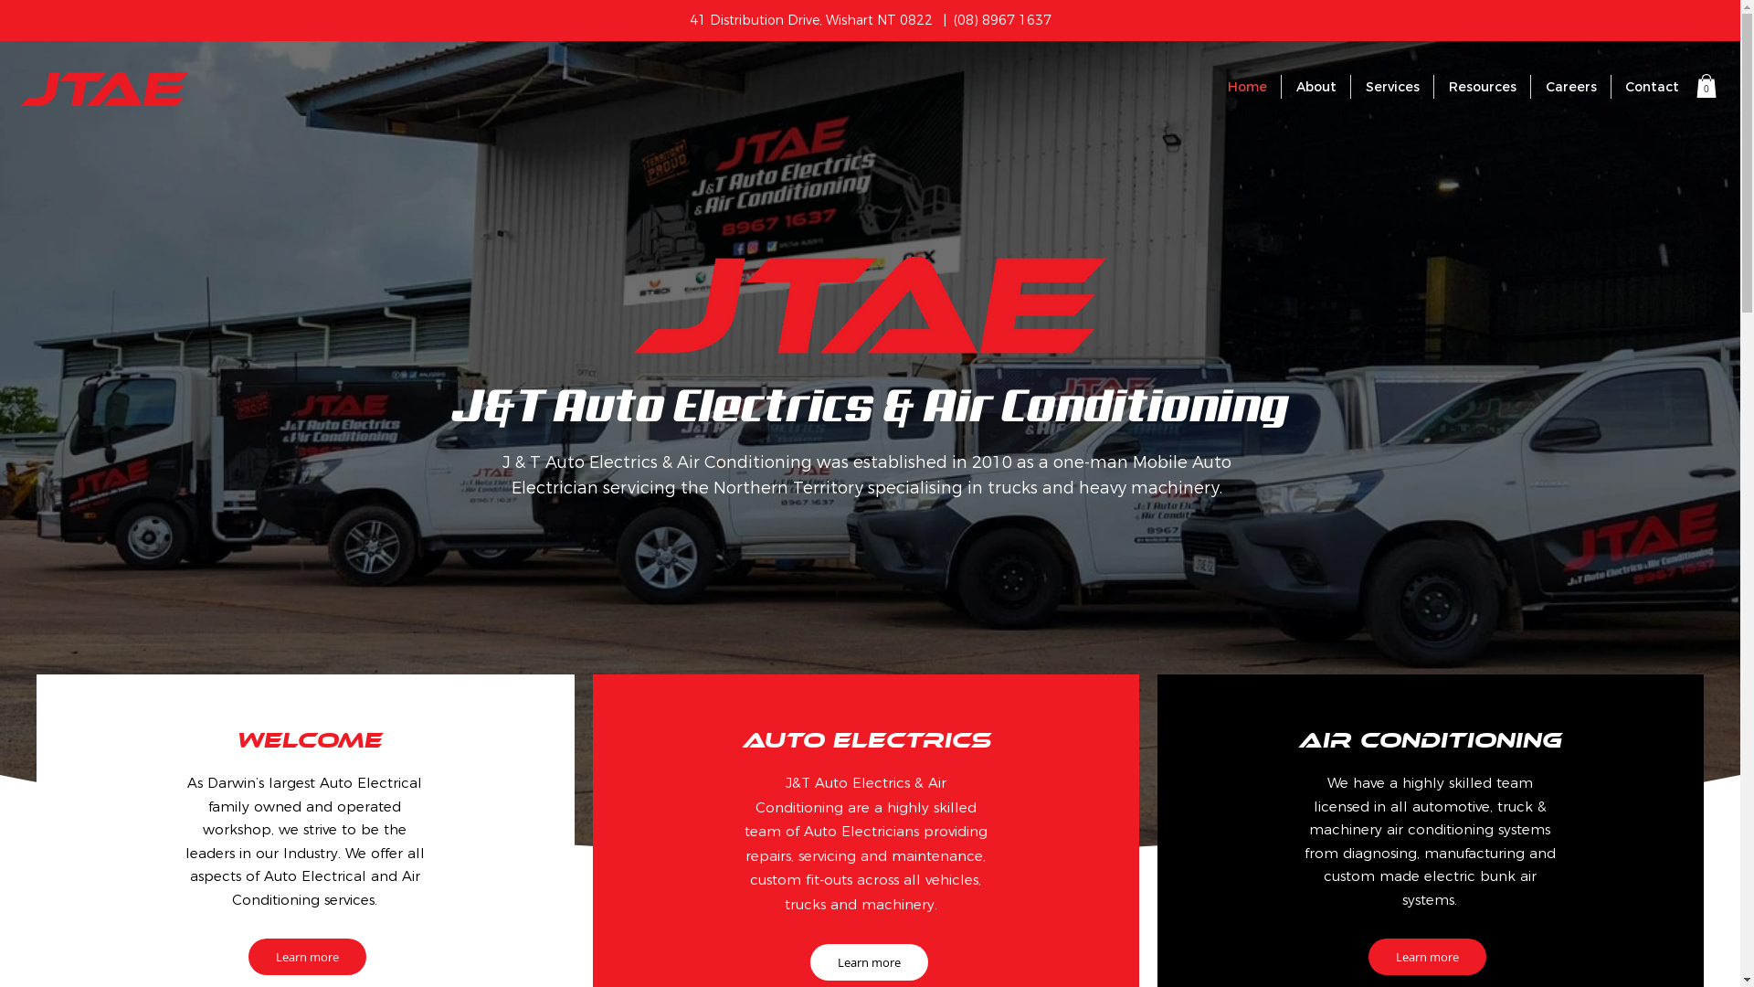 The width and height of the screenshot is (1754, 987). Describe the element at coordinates (1245, 87) in the screenshot. I see `'Home'` at that location.